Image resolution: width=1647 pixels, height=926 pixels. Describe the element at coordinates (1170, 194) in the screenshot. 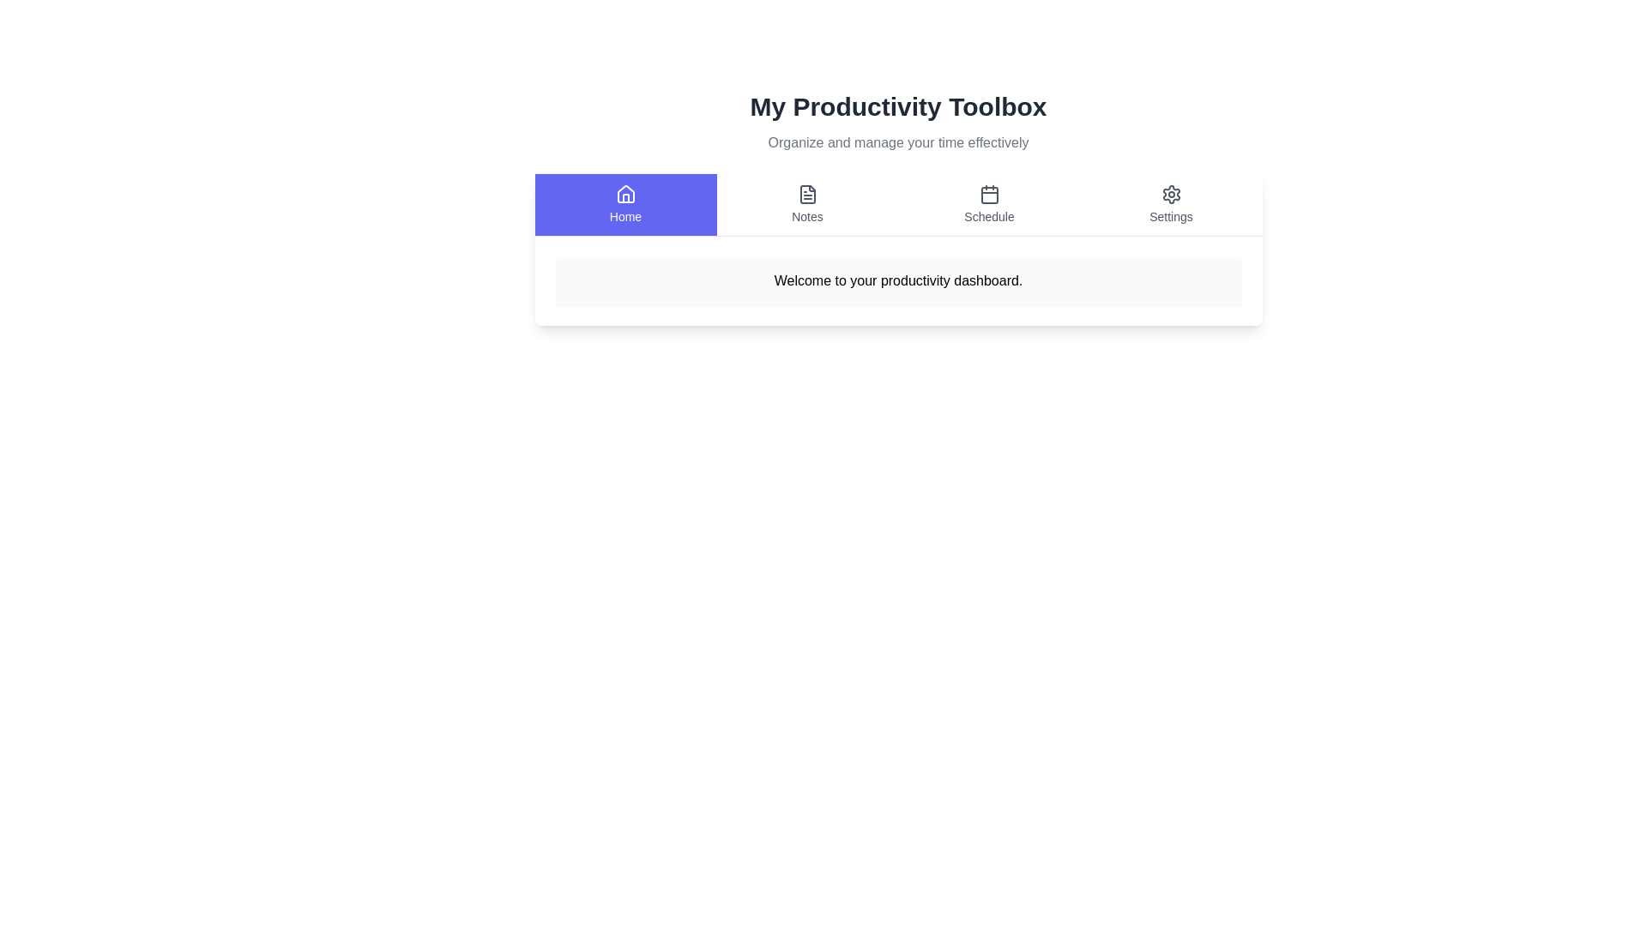

I see `the settings icon located in the top right portion of the header` at that location.